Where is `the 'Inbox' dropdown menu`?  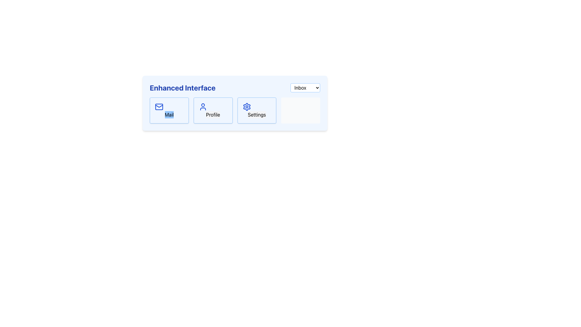
the 'Inbox' dropdown menu is located at coordinates (305, 88).